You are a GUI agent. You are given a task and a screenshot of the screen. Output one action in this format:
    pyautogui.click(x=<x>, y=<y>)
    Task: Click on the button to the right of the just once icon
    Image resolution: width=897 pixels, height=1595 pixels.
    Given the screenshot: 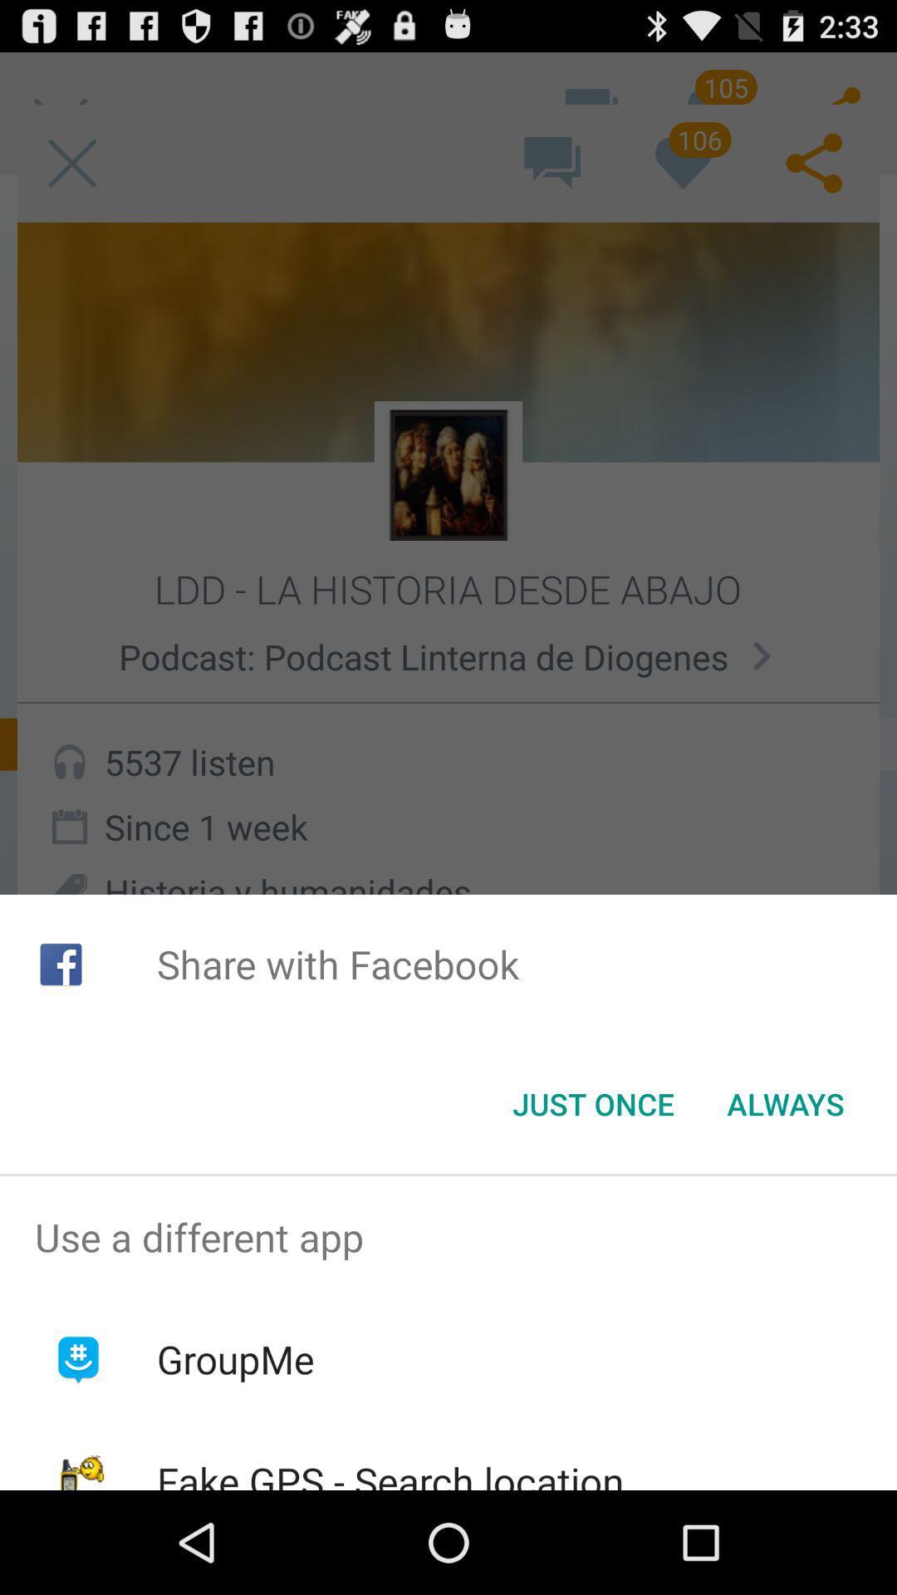 What is the action you would take?
    pyautogui.click(x=785, y=1104)
    